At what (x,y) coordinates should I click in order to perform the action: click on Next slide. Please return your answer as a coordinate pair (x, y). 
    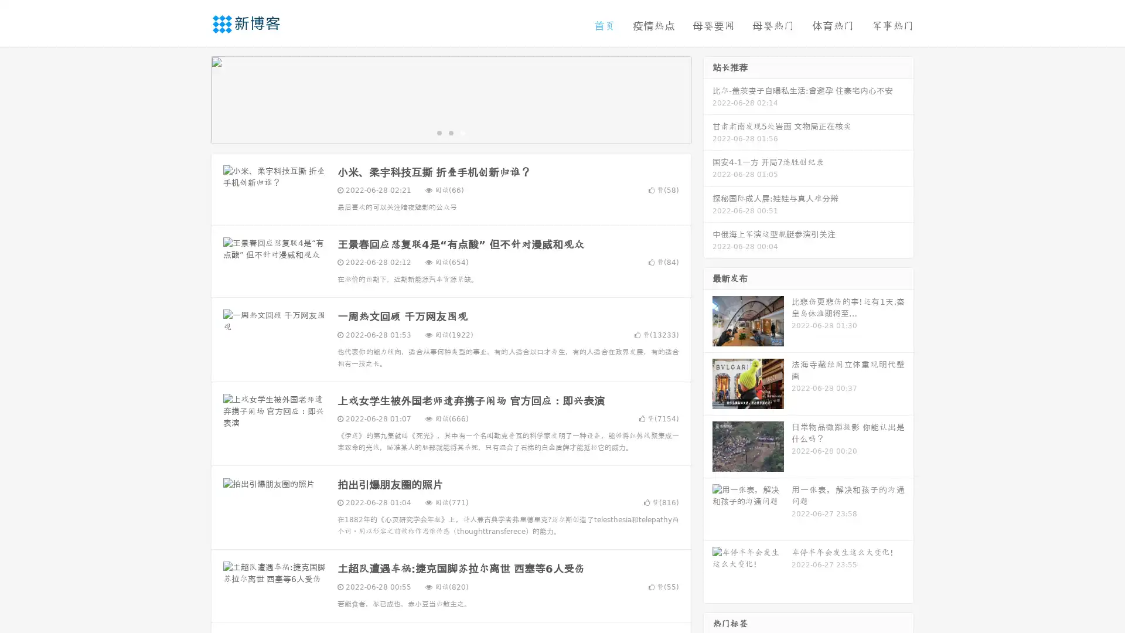
    Looking at the image, I should click on (708, 98).